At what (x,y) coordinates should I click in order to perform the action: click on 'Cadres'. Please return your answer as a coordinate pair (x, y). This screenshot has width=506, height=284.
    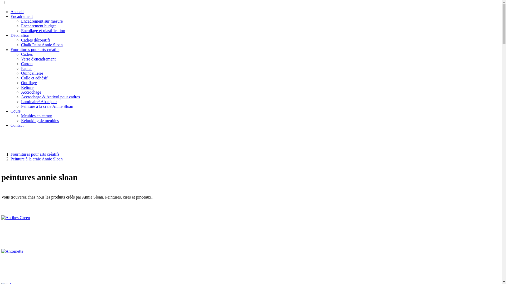
    Looking at the image, I should click on (26, 54).